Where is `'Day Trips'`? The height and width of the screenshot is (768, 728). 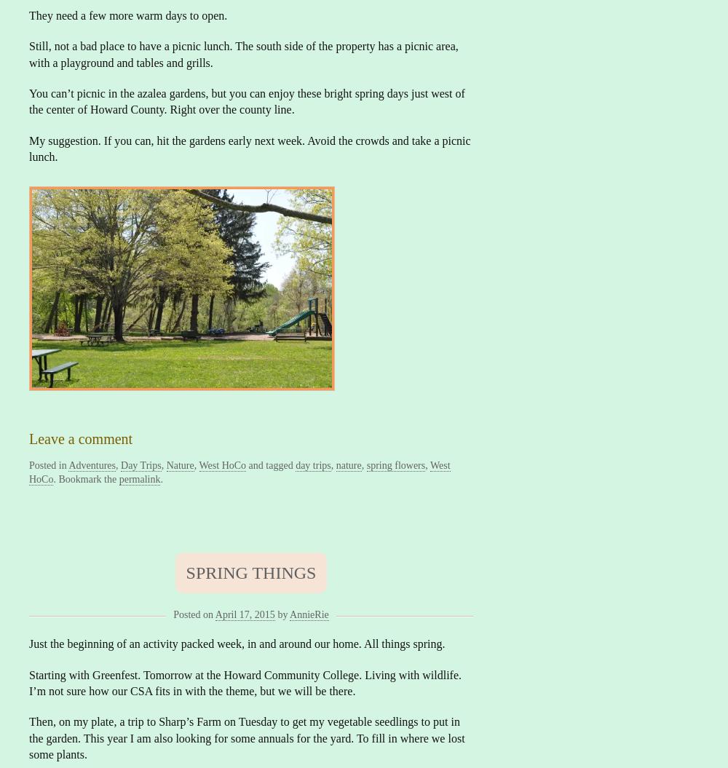 'Day Trips' is located at coordinates (121, 464).